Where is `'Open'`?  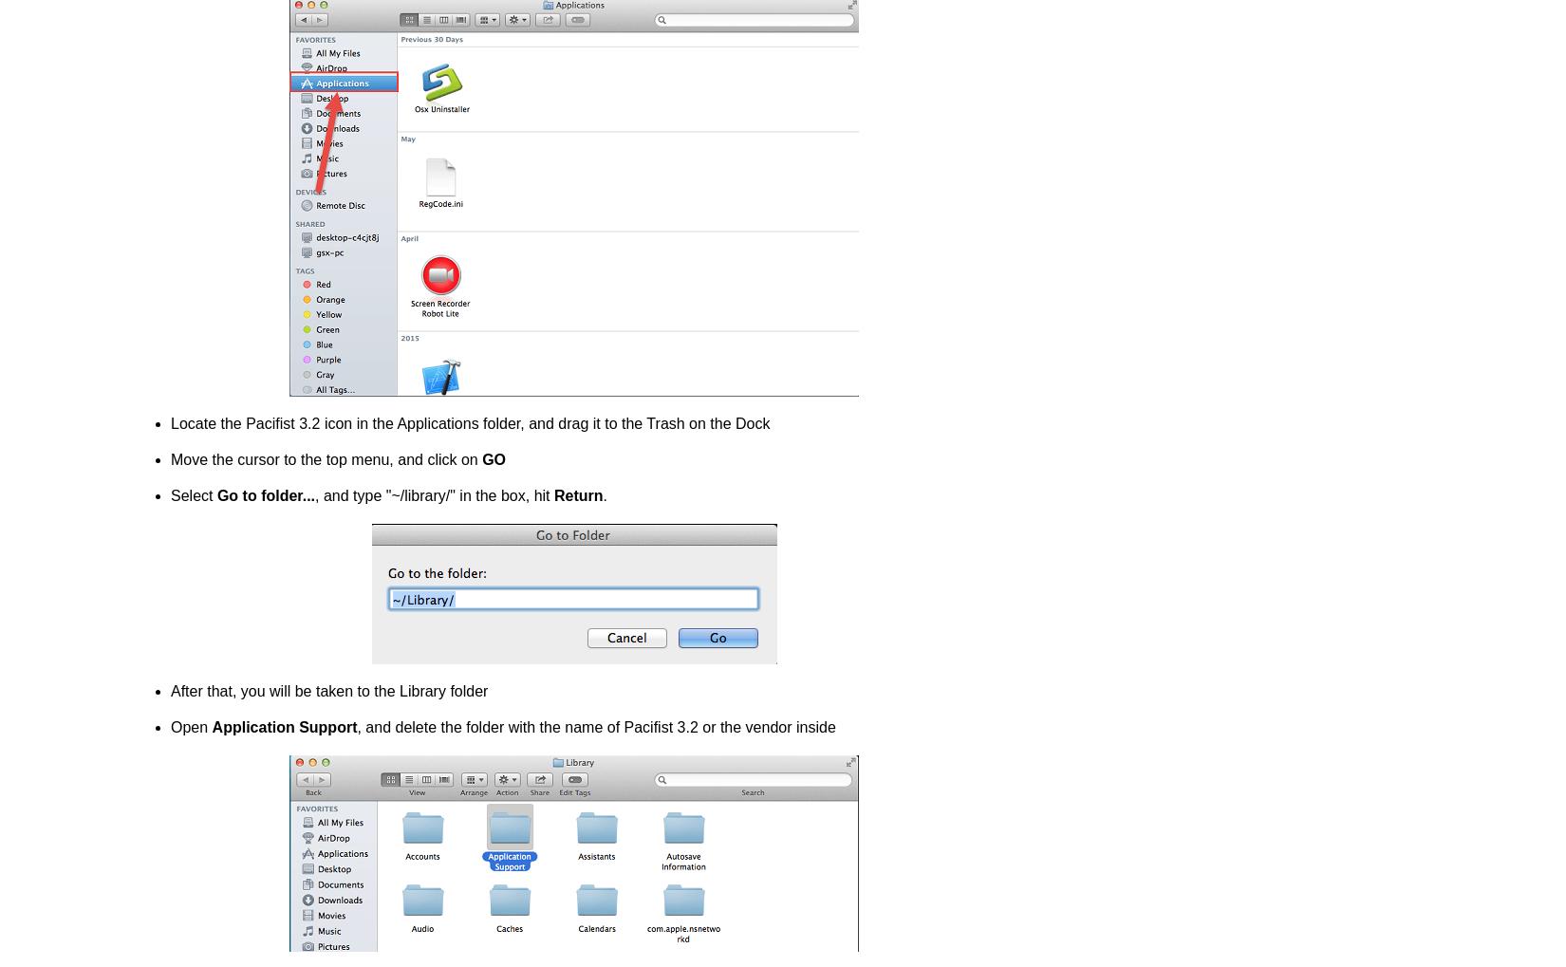
'Open' is located at coordinates (171, 726).